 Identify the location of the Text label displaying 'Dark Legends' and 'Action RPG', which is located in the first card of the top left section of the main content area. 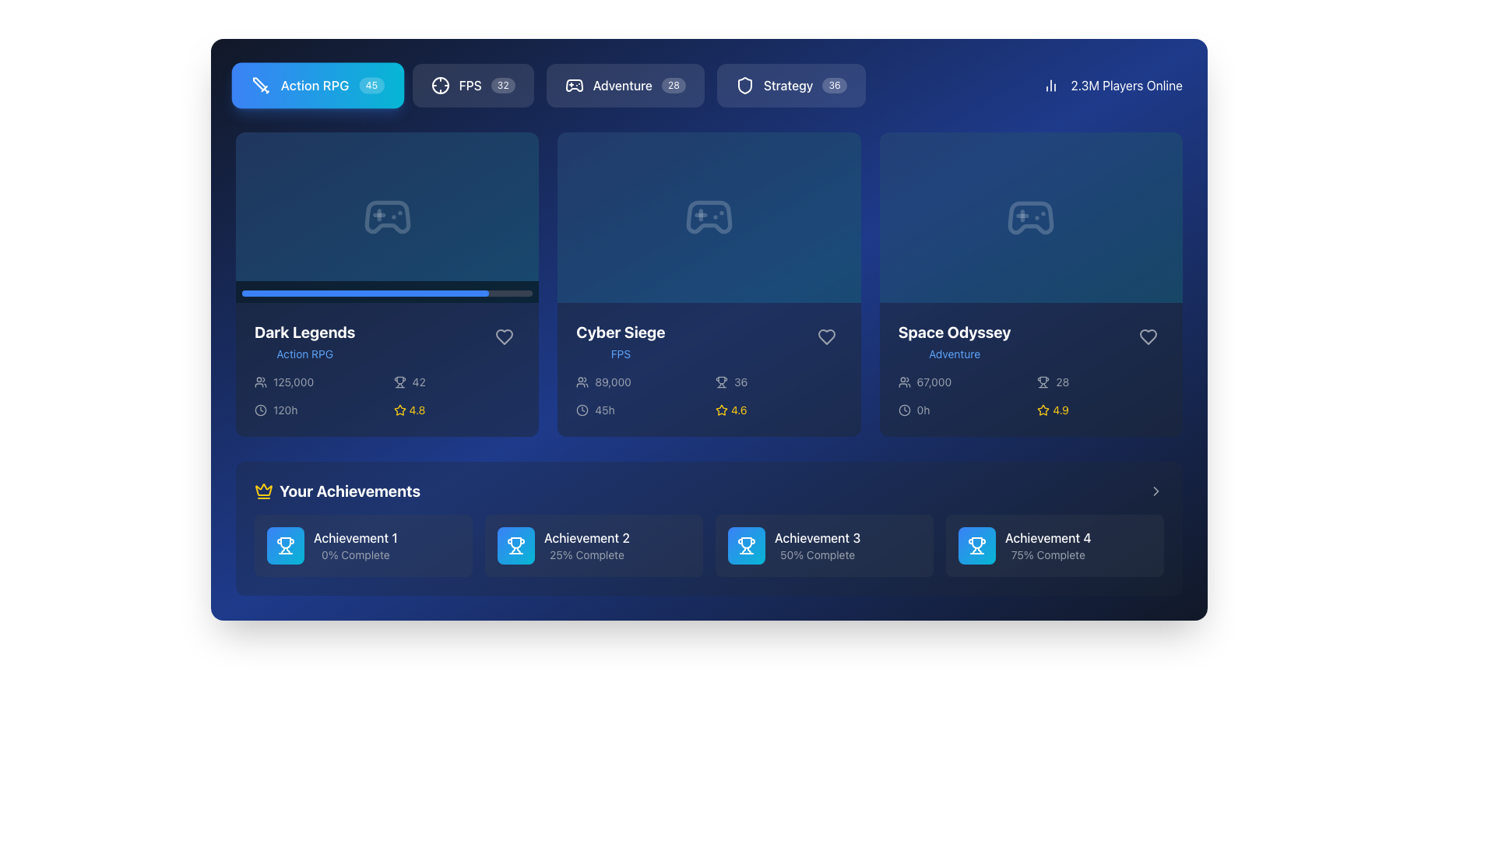
(304, 341).